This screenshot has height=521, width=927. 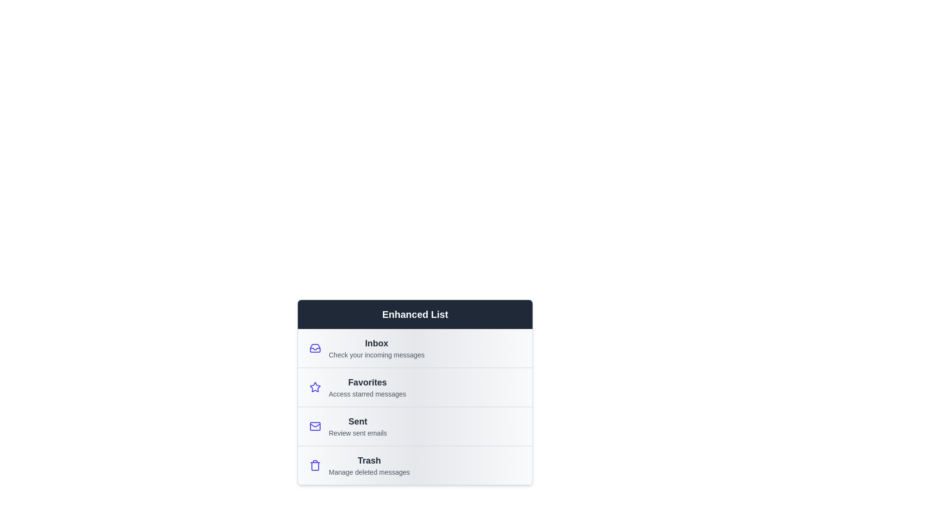 What do you see at coordinates (315, 386) in the screenshot?
I see `the star-shaped icon representing the 'Favorites' feature, which is located to the left of the text 'Favorites' in the vertical options menu` at bounding box center [315, 386].